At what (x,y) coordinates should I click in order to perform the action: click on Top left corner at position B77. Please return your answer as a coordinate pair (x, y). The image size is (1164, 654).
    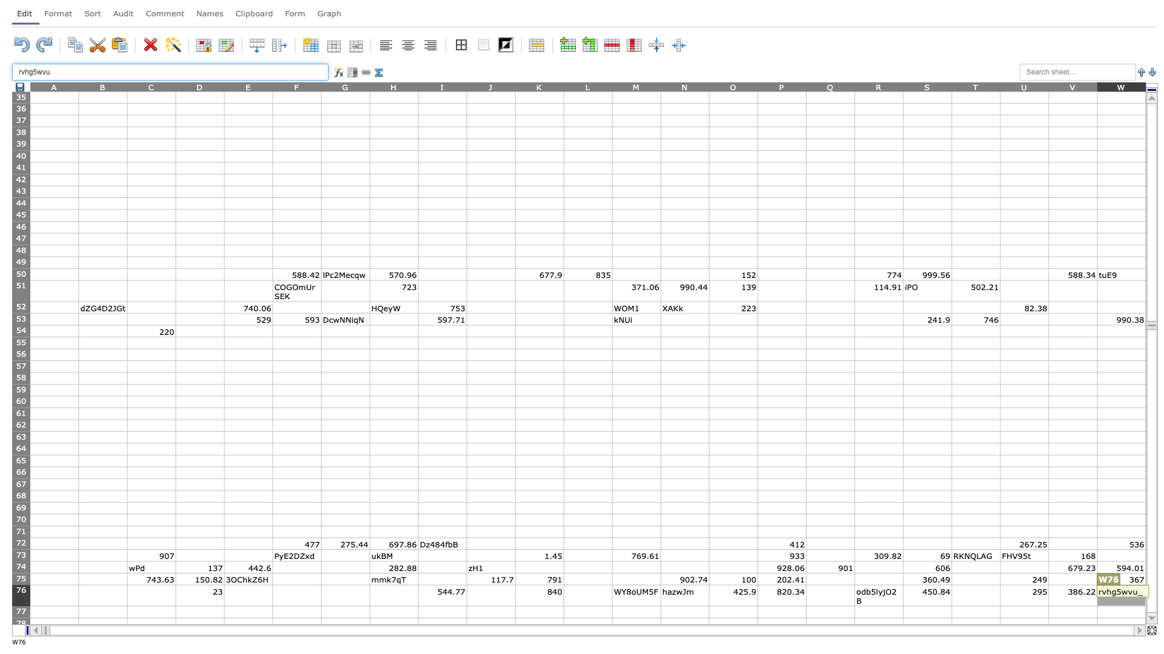
    Looking at the image, I should click on (78, 606).